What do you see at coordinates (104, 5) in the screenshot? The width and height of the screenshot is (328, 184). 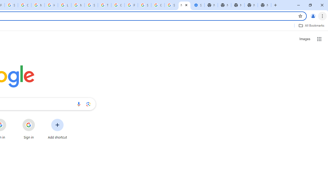 I see `'Trusted Information and Content - Google Safety Center'` at bounding box center [104, 5].